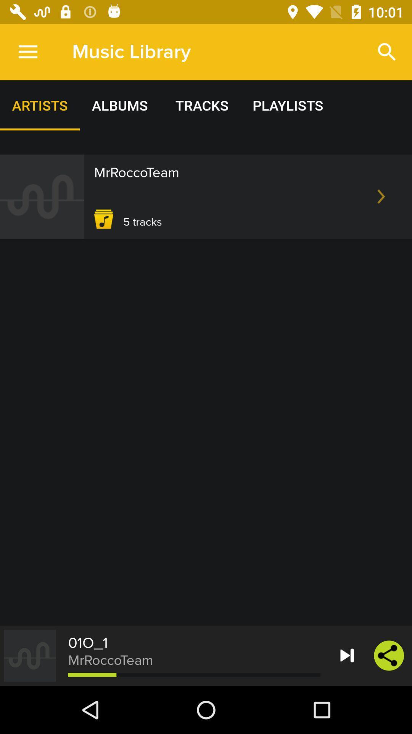  I want to click on the skip_next icon, so click(347, 655).